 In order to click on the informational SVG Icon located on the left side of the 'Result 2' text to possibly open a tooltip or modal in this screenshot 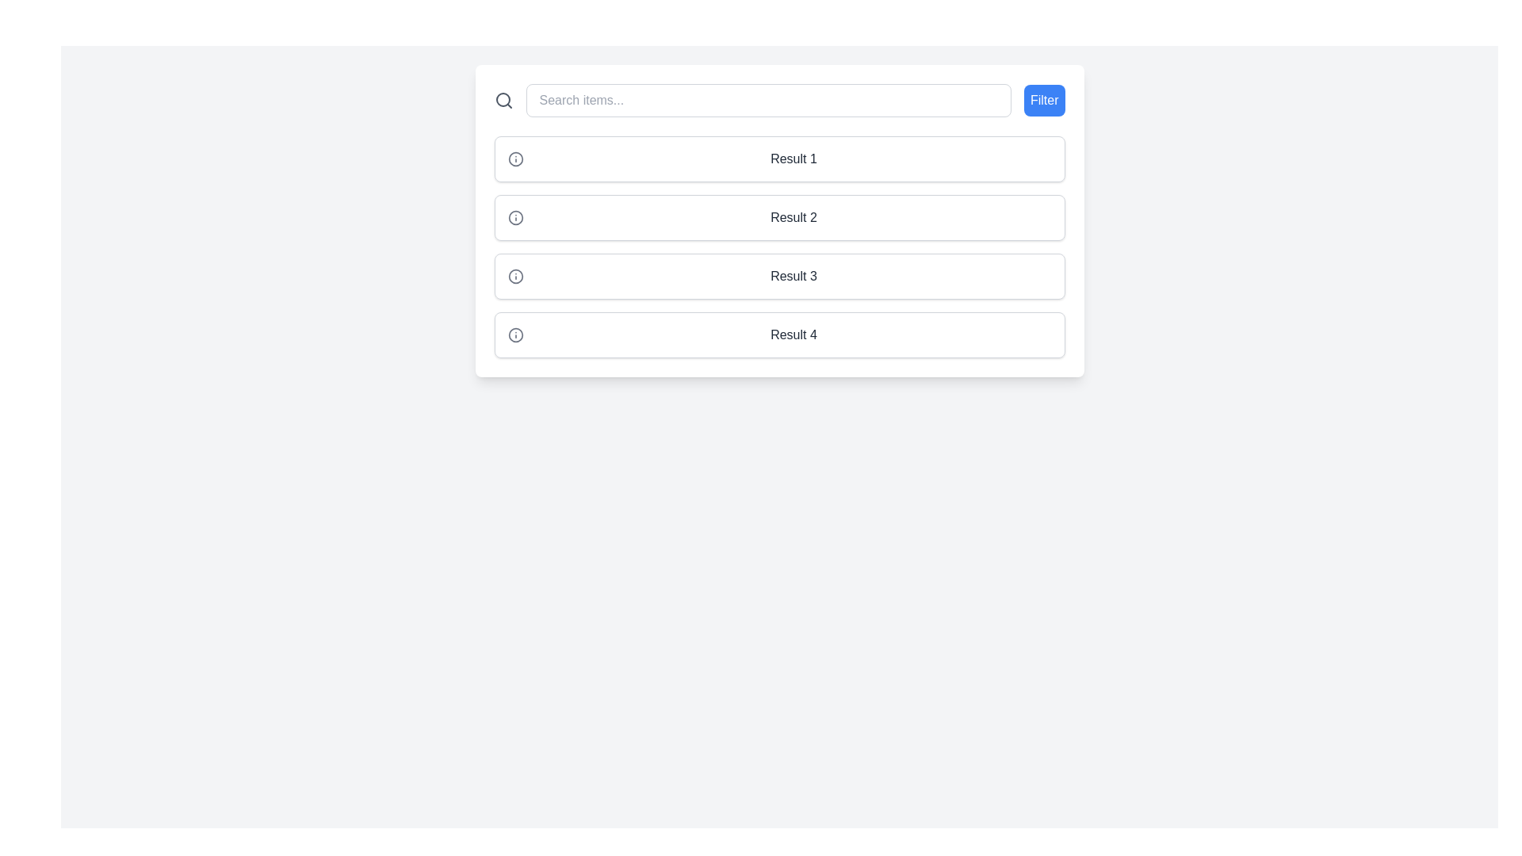, I will do `click(515, 217)`.